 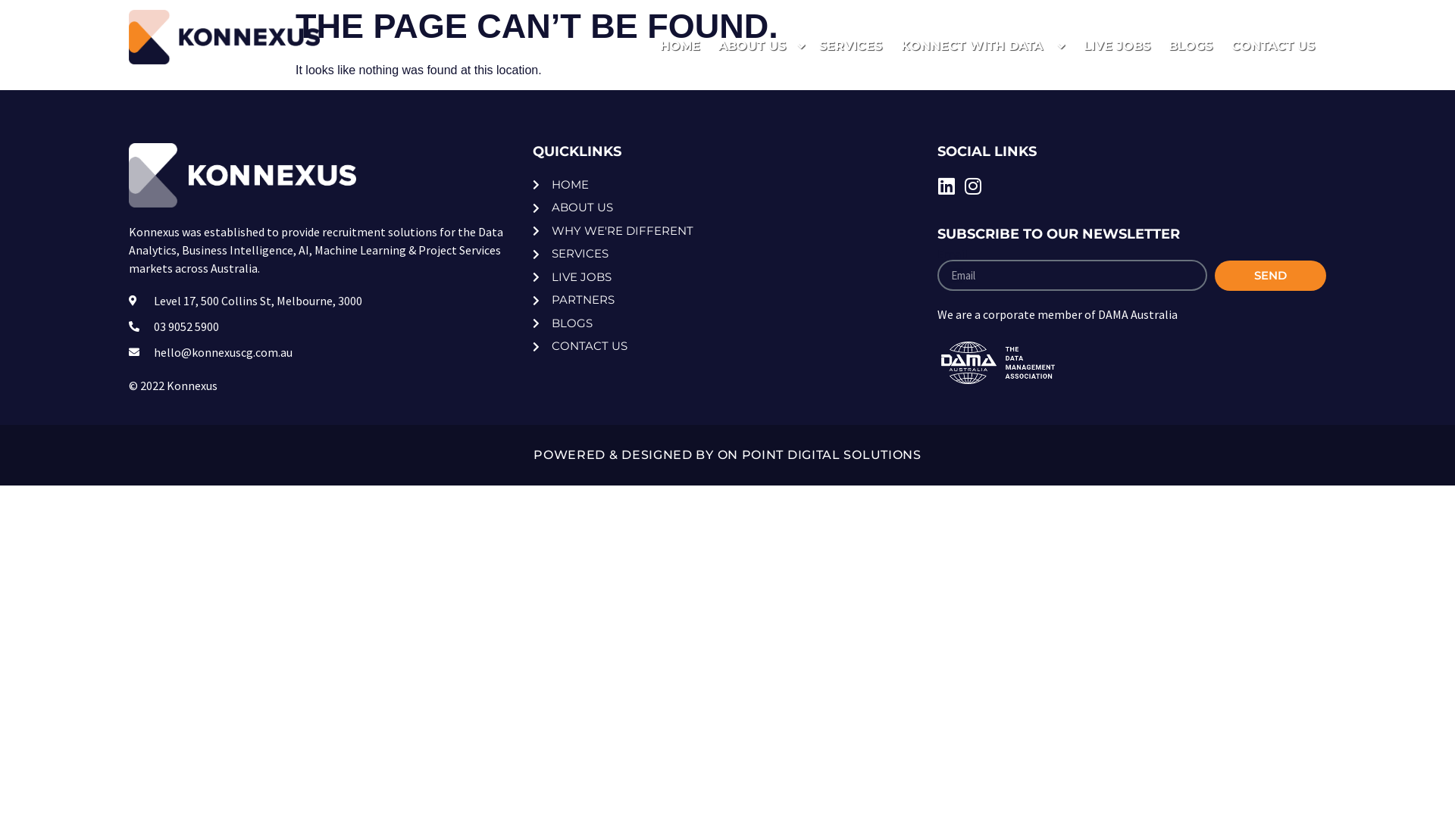 What do you see at coordinates (656, 45) in the screenshot?
I see `'HOME'` at bounding box center [656, 45].